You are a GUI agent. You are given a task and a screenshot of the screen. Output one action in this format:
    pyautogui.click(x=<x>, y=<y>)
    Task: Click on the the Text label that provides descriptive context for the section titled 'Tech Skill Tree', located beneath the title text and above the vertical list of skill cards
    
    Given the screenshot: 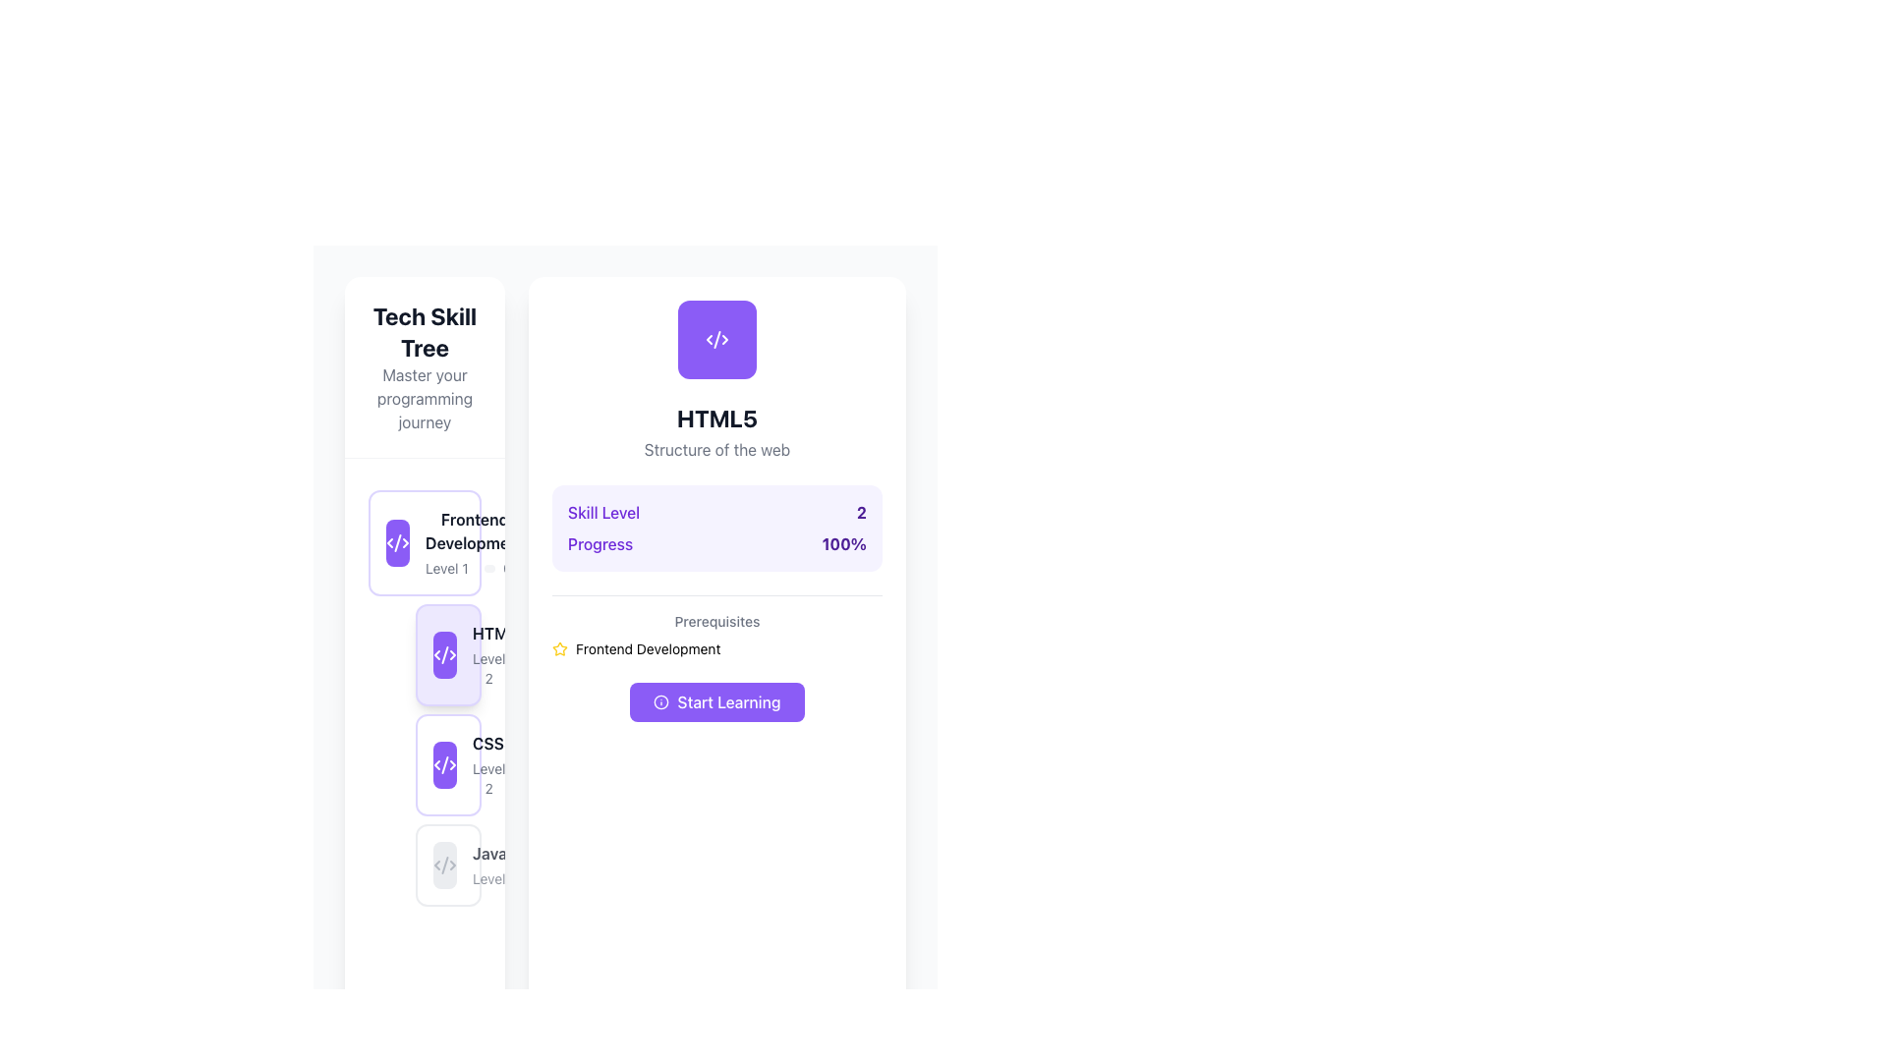 What is the action you would take?
    pyautogui.click(x=424, y=398)
    